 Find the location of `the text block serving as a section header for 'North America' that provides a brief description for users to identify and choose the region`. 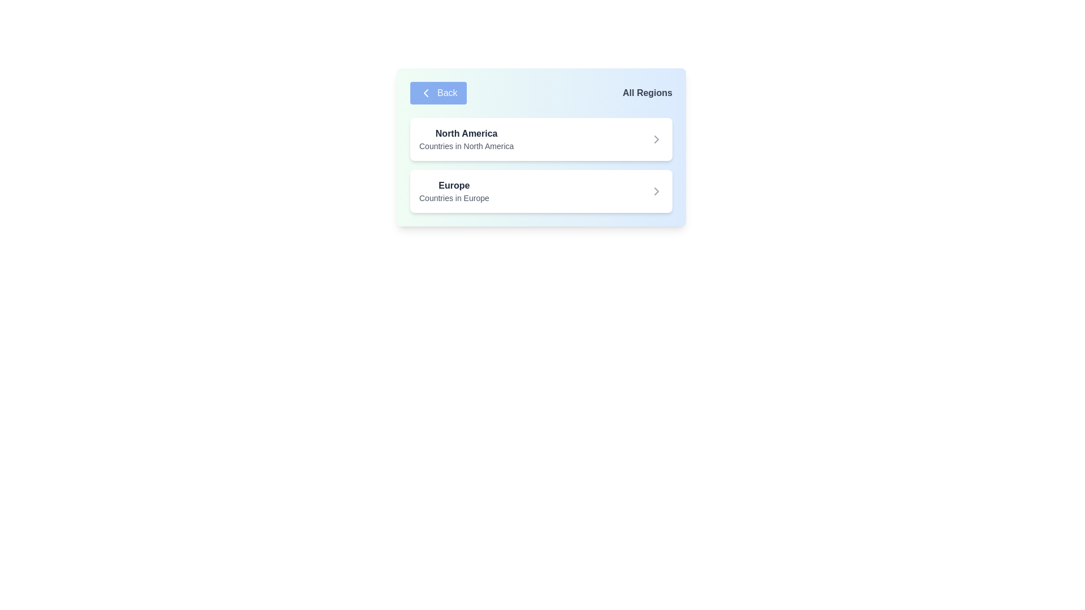

the text block serving as a section header for 'North America' that provides a brief description for users to identify and choose the region is located at coordinates (466, 138).